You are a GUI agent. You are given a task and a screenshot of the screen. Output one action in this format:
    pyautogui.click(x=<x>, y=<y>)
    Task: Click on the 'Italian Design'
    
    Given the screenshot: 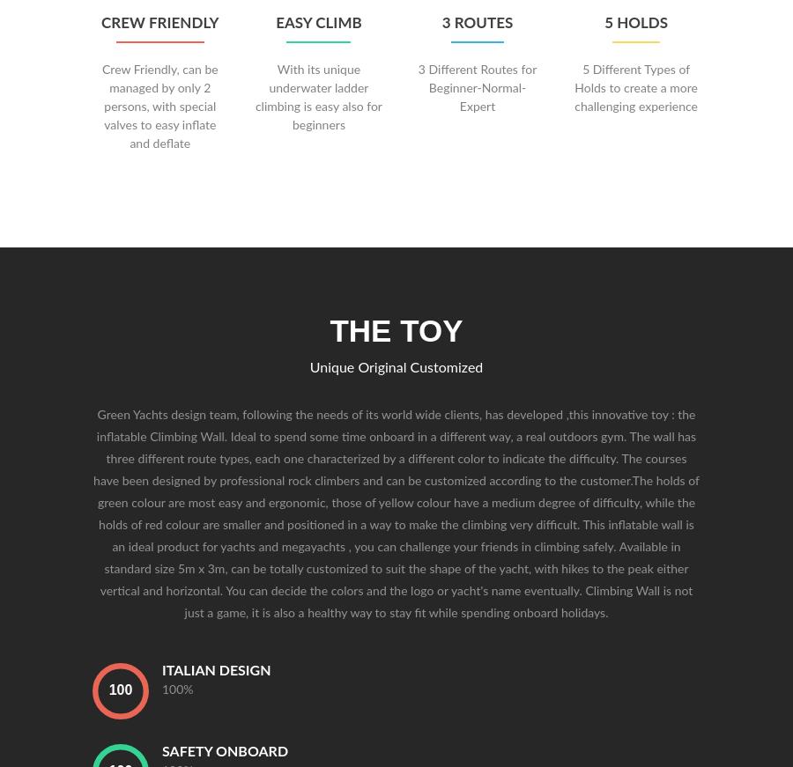 What is the action you would take?
    pyautogui.click(x=215, y=669)
    